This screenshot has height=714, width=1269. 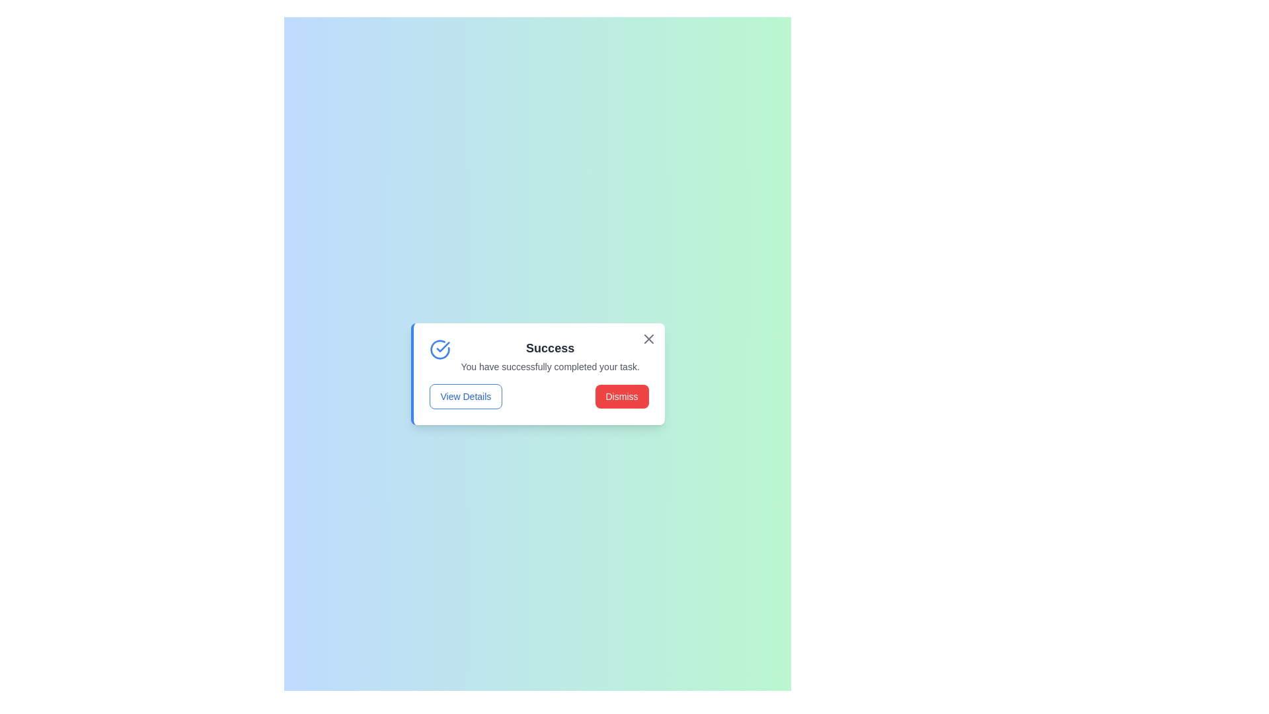 I want to click on the close button at the top-right of the alert to dismiss it, so click(x=648, y=338).